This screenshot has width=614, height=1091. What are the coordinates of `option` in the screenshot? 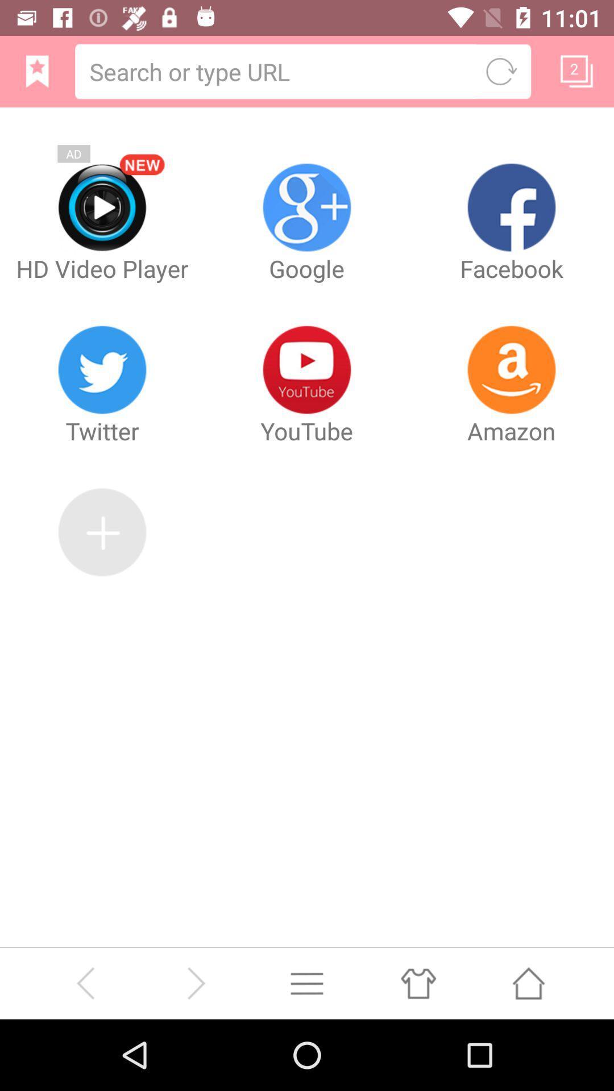 It's located at (307, 982).